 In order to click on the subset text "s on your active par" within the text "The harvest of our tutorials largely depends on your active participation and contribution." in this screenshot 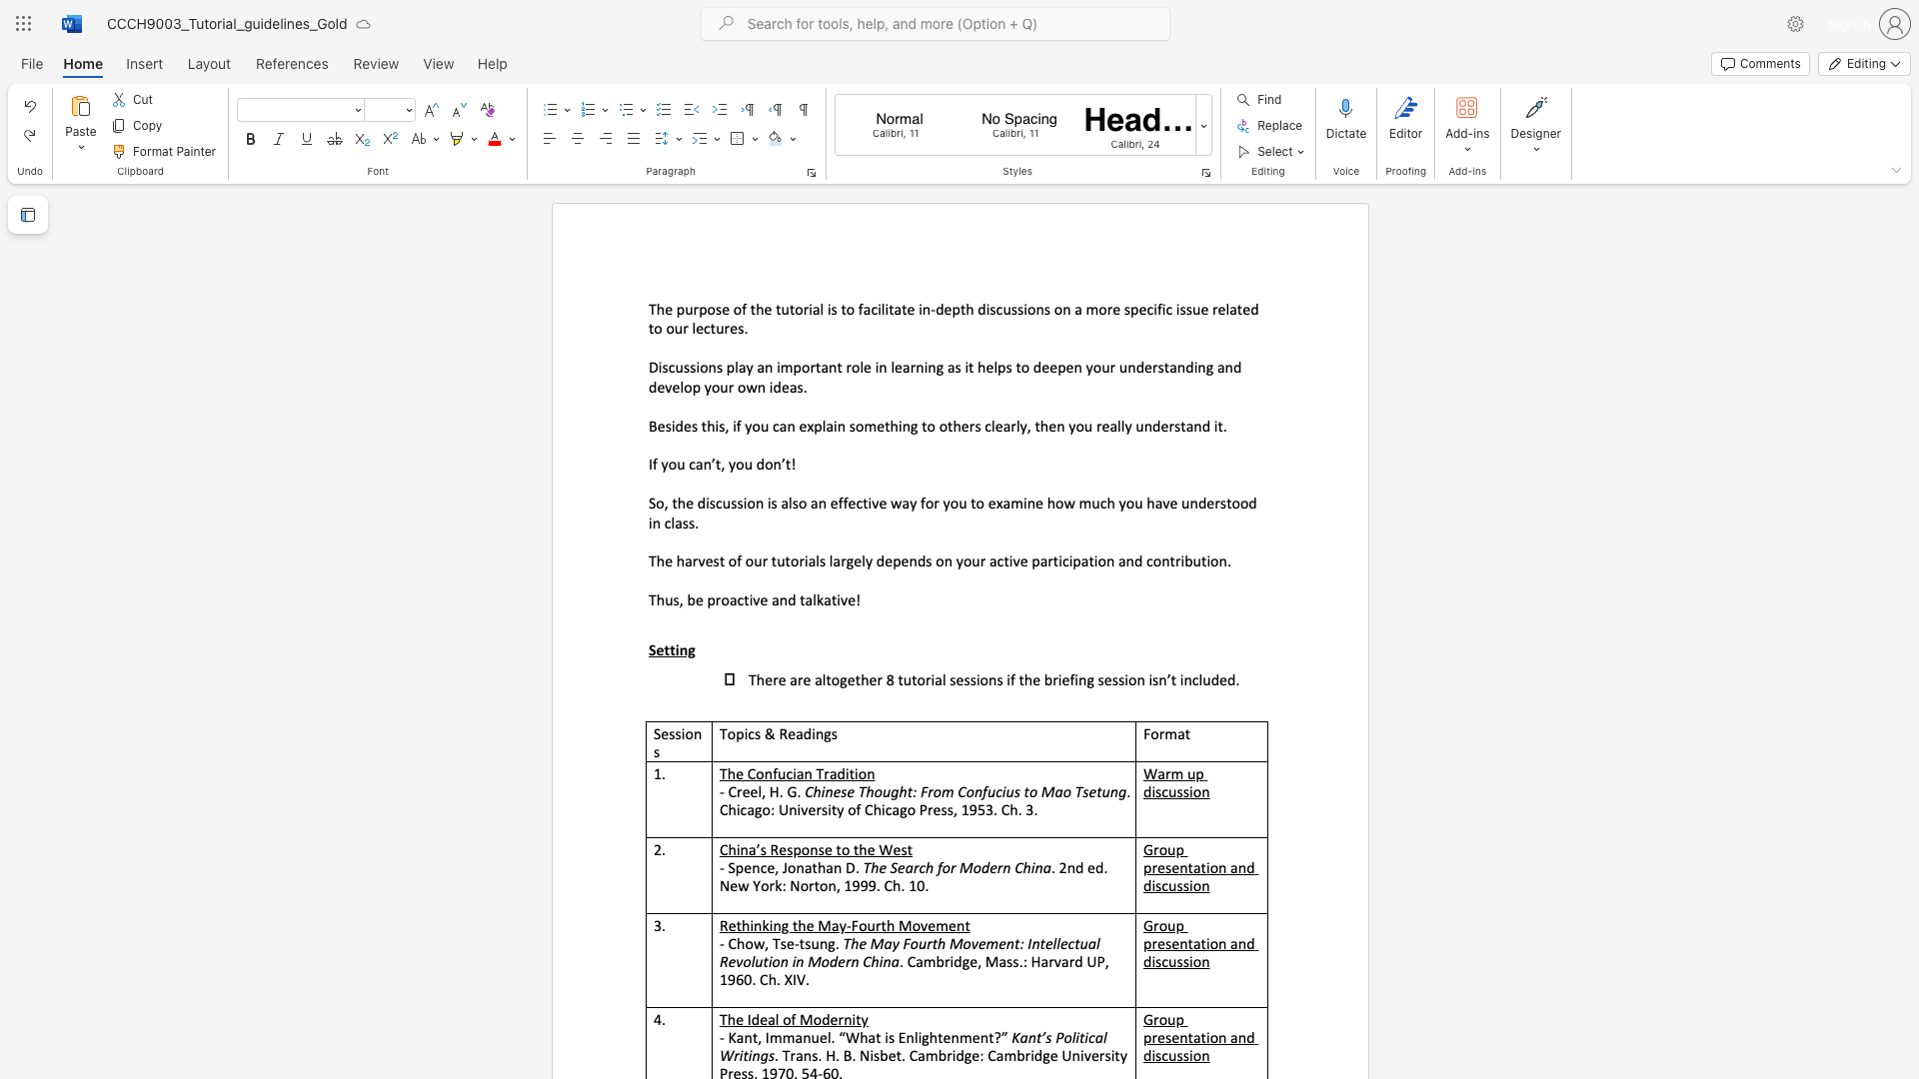, I will do `click(925, 561)`.